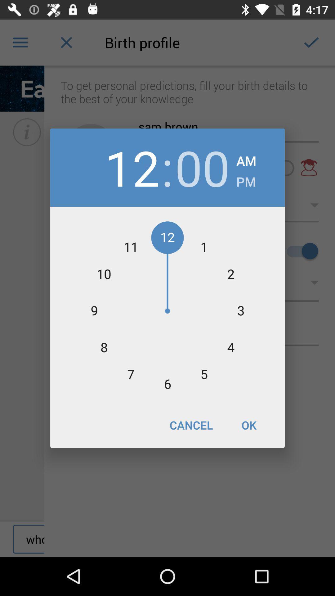  I want to click on icon next to cancel icon, so click(248, 425).